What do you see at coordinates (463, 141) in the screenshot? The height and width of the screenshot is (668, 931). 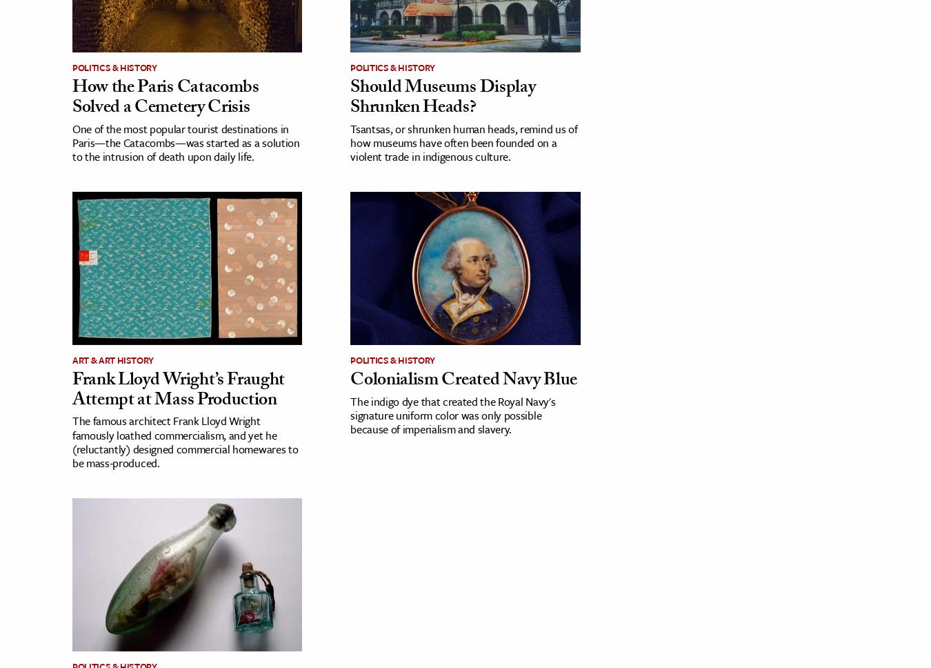 I see `'Tsantsas, or shrunken human heads, remind us of how museums have often been founded on a violent trade in indigenous culture.'` at bounding box center [463, 141].